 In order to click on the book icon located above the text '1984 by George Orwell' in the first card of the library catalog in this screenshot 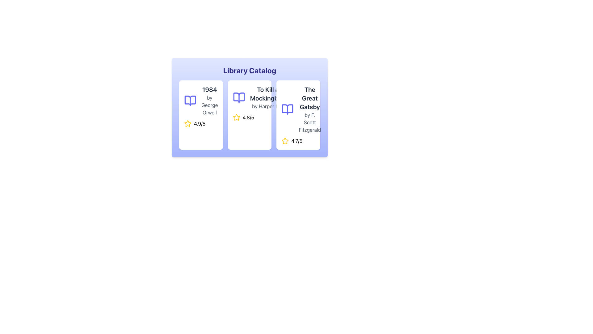, I will do `click(190, 101)`.